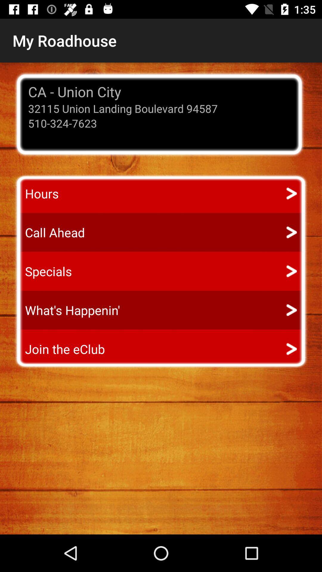 Image resolution: width=322 pixels, height=572 pixels. Describe the element at coordinates (49, 232) in the screenshot. I see `the call ahead item` at that location.